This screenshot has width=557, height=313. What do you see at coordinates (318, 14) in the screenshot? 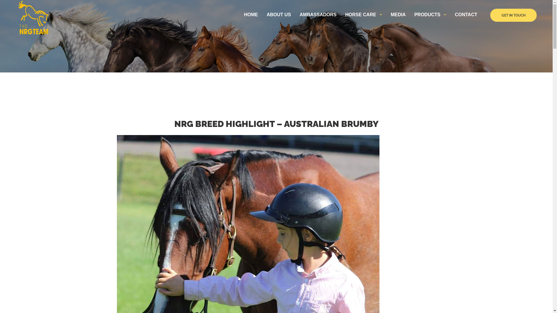
I see `'AMBASSADORS'` at bounding box center [318, 14].